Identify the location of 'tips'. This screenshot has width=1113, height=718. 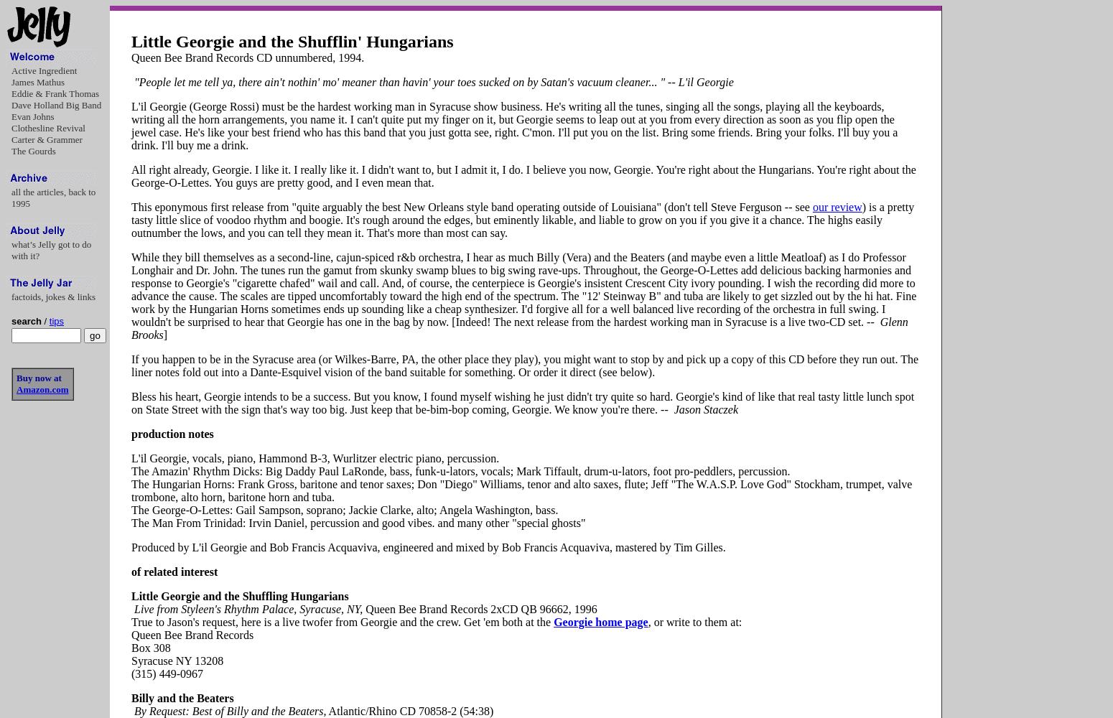
(56, 320).